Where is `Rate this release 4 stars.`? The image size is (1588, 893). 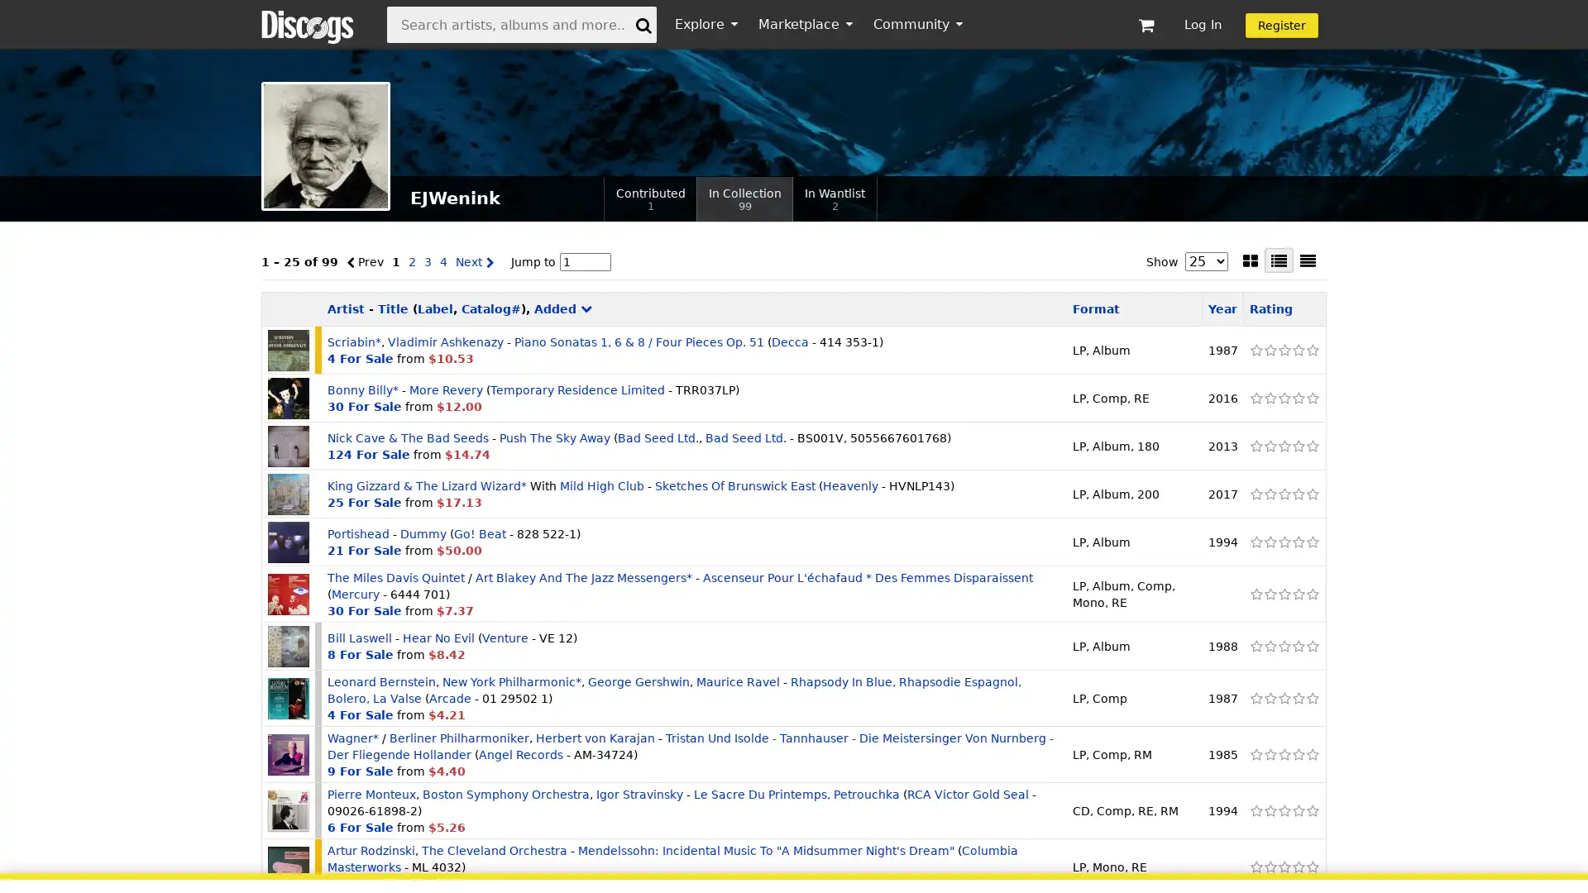
Rate this release 4 stars. is located at coordinates (1297, 809).